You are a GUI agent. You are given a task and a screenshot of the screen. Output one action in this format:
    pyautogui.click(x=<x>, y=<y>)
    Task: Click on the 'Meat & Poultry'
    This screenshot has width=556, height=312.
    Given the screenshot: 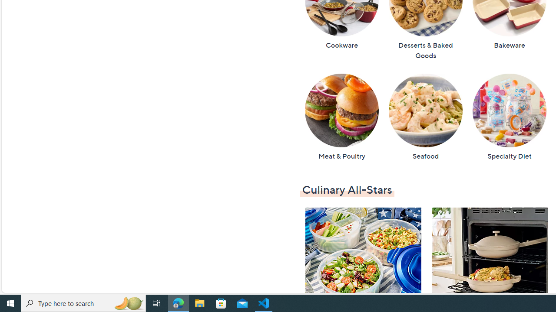 What is the action you would take?
    pyautogui.click(x=341, y=117)
    